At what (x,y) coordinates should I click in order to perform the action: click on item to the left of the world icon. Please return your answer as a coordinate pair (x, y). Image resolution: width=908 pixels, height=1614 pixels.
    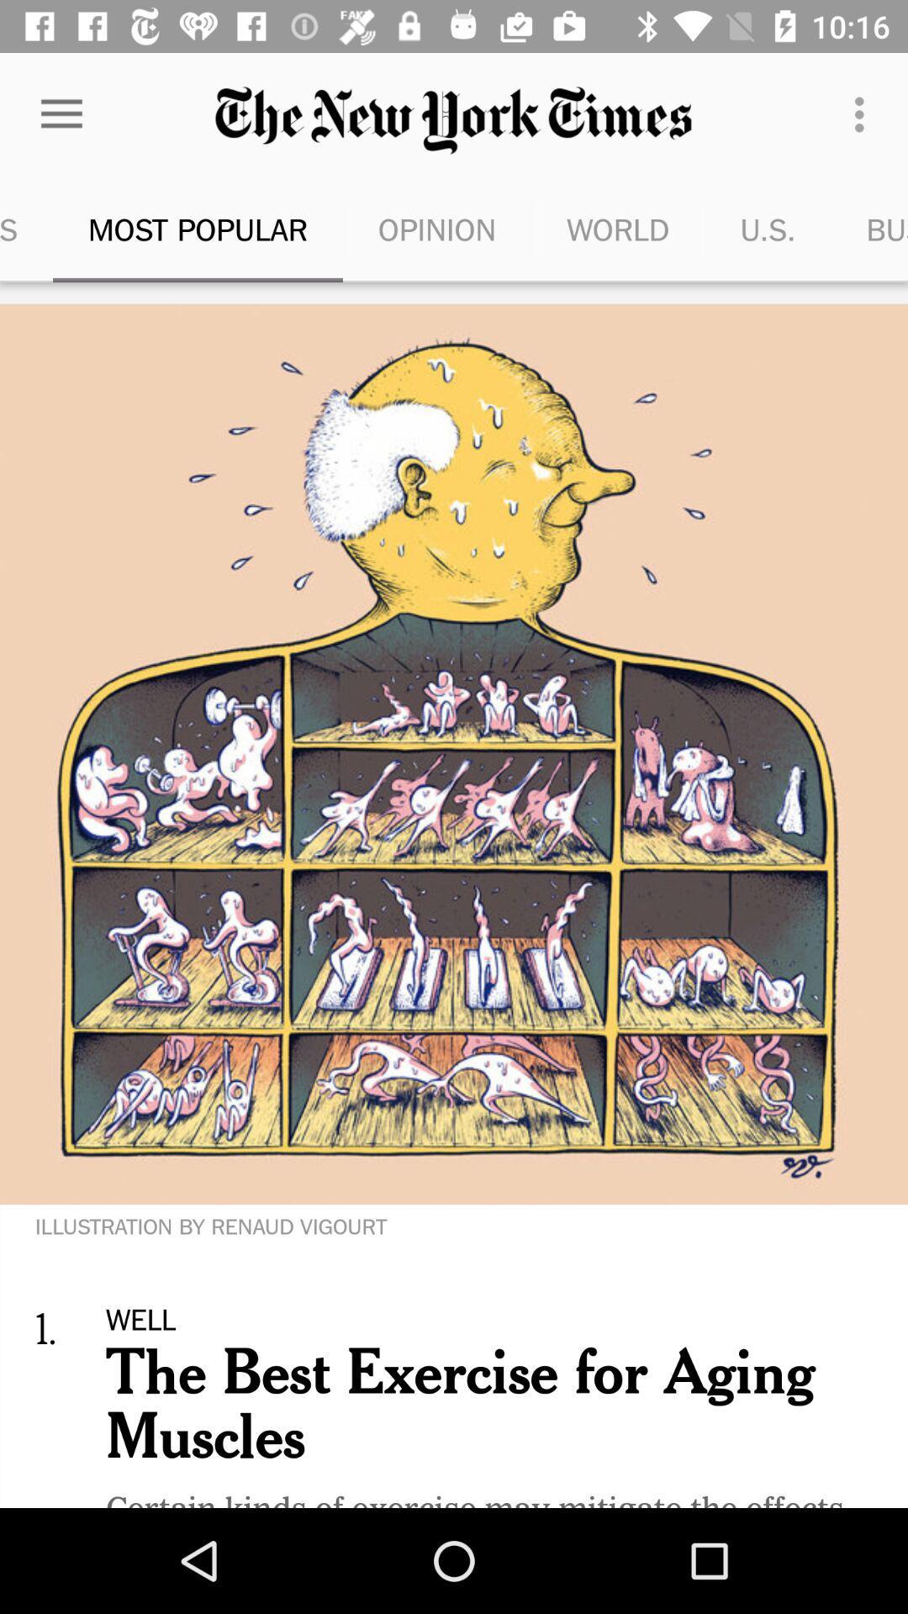
    Looking at the image, I should click on (436, 229).